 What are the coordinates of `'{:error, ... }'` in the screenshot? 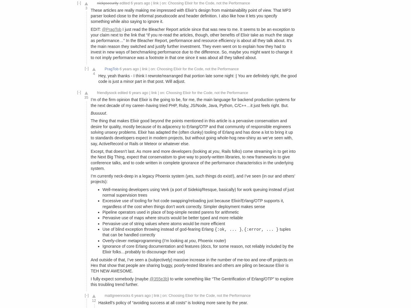 It's located at (261, 229).